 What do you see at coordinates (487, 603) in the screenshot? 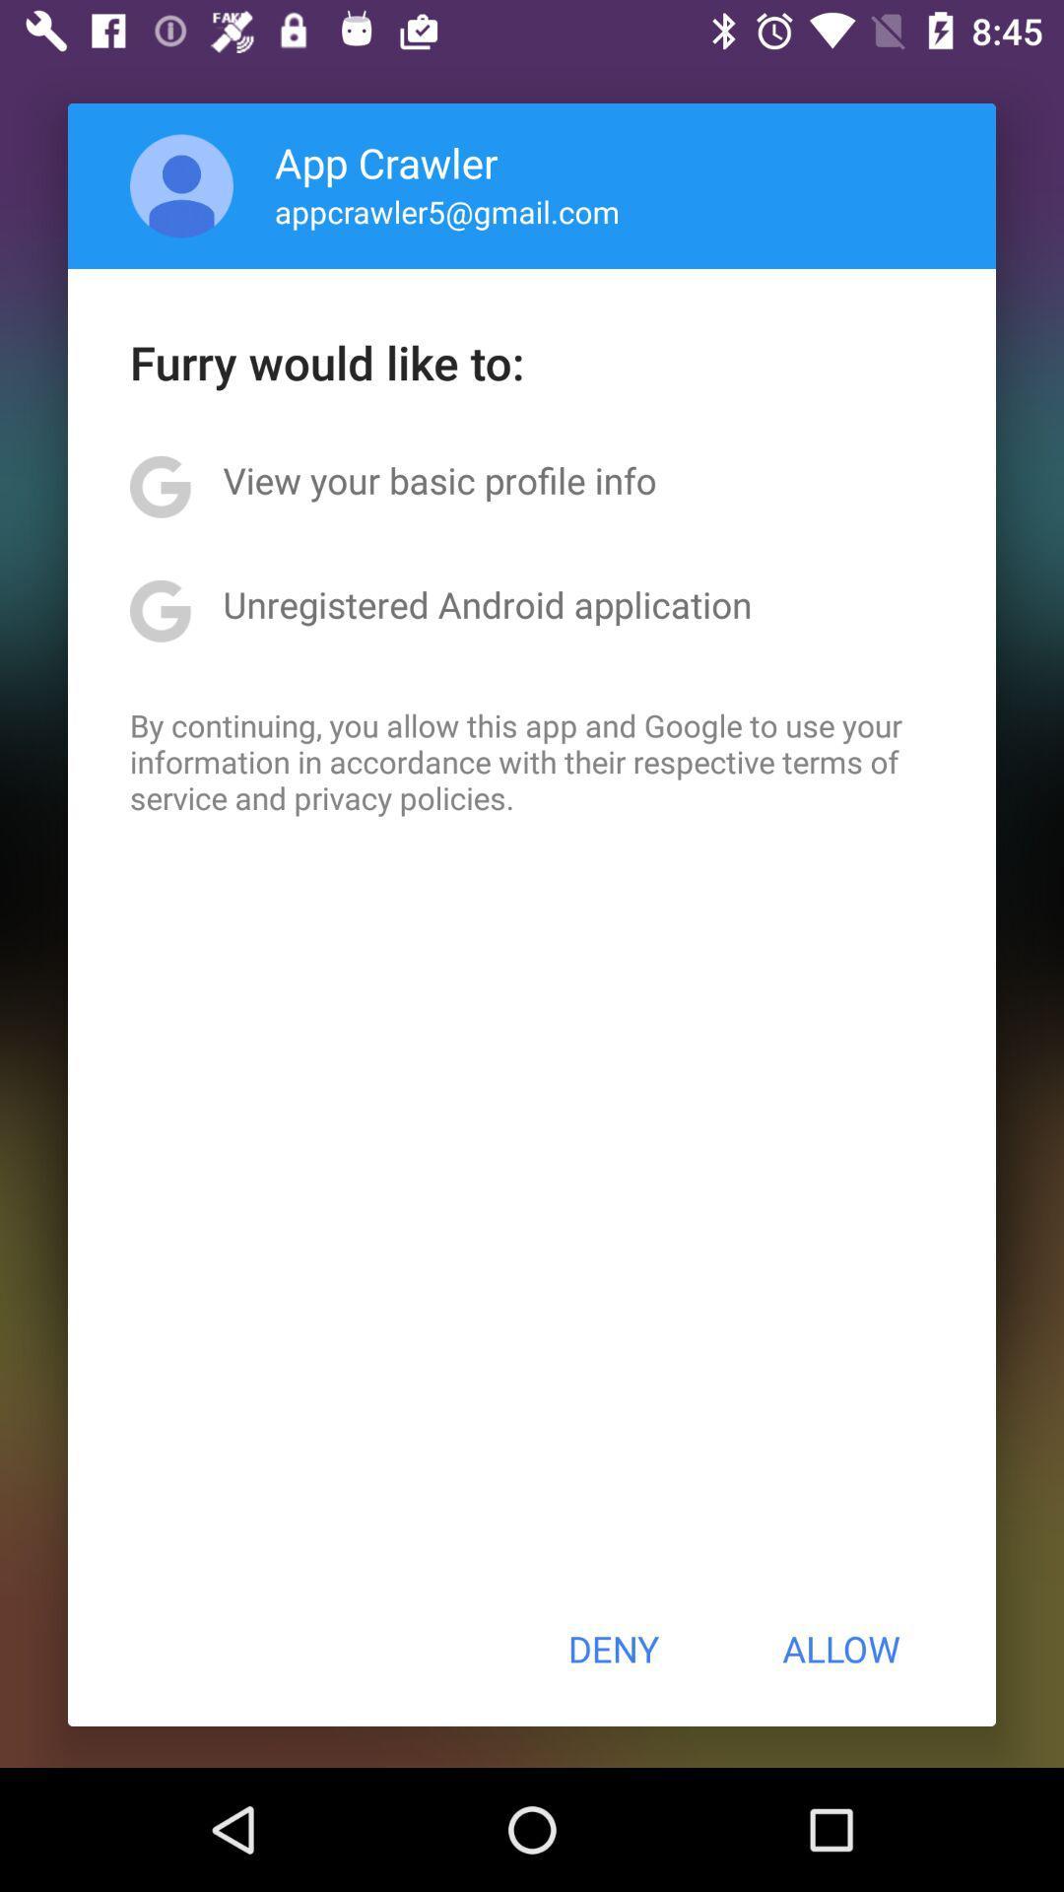
I see `the item below view your basic icon` at bounding box center [487, 603].